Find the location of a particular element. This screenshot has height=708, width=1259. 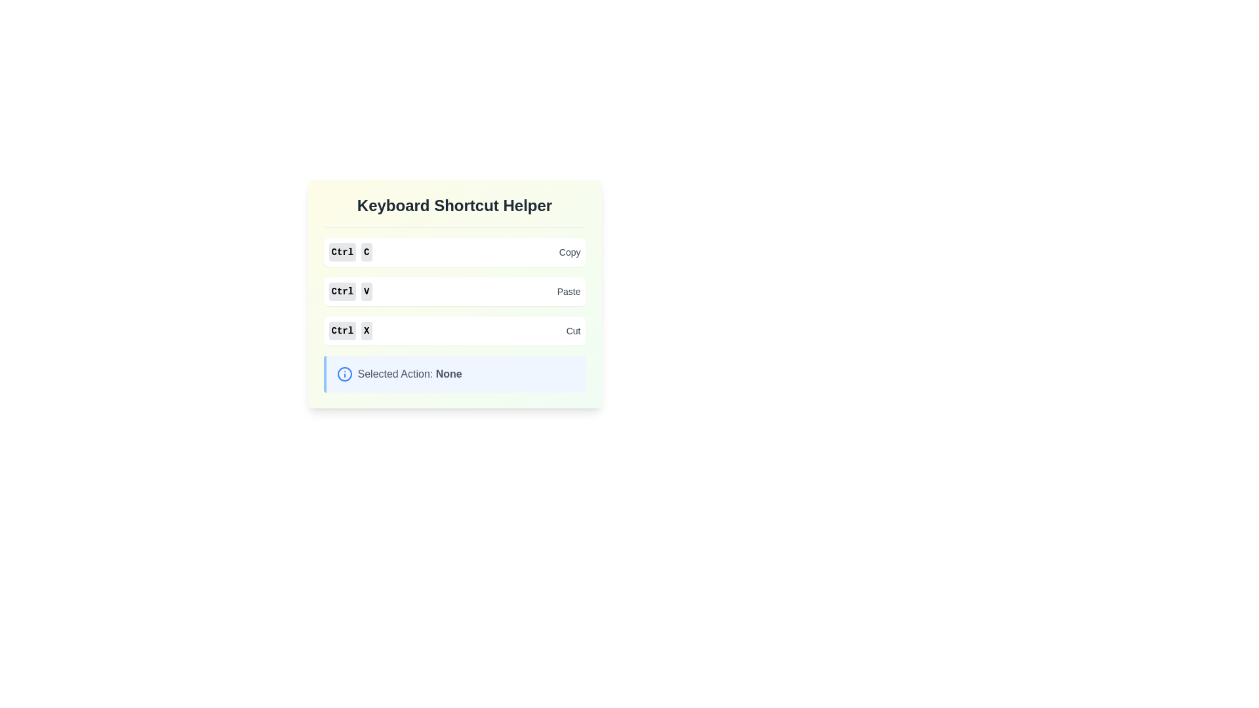

the Informational Panel, which features a gradient yellow-green background and lists keyboard shortcuts and their actions is located at coordinates (454, 293).